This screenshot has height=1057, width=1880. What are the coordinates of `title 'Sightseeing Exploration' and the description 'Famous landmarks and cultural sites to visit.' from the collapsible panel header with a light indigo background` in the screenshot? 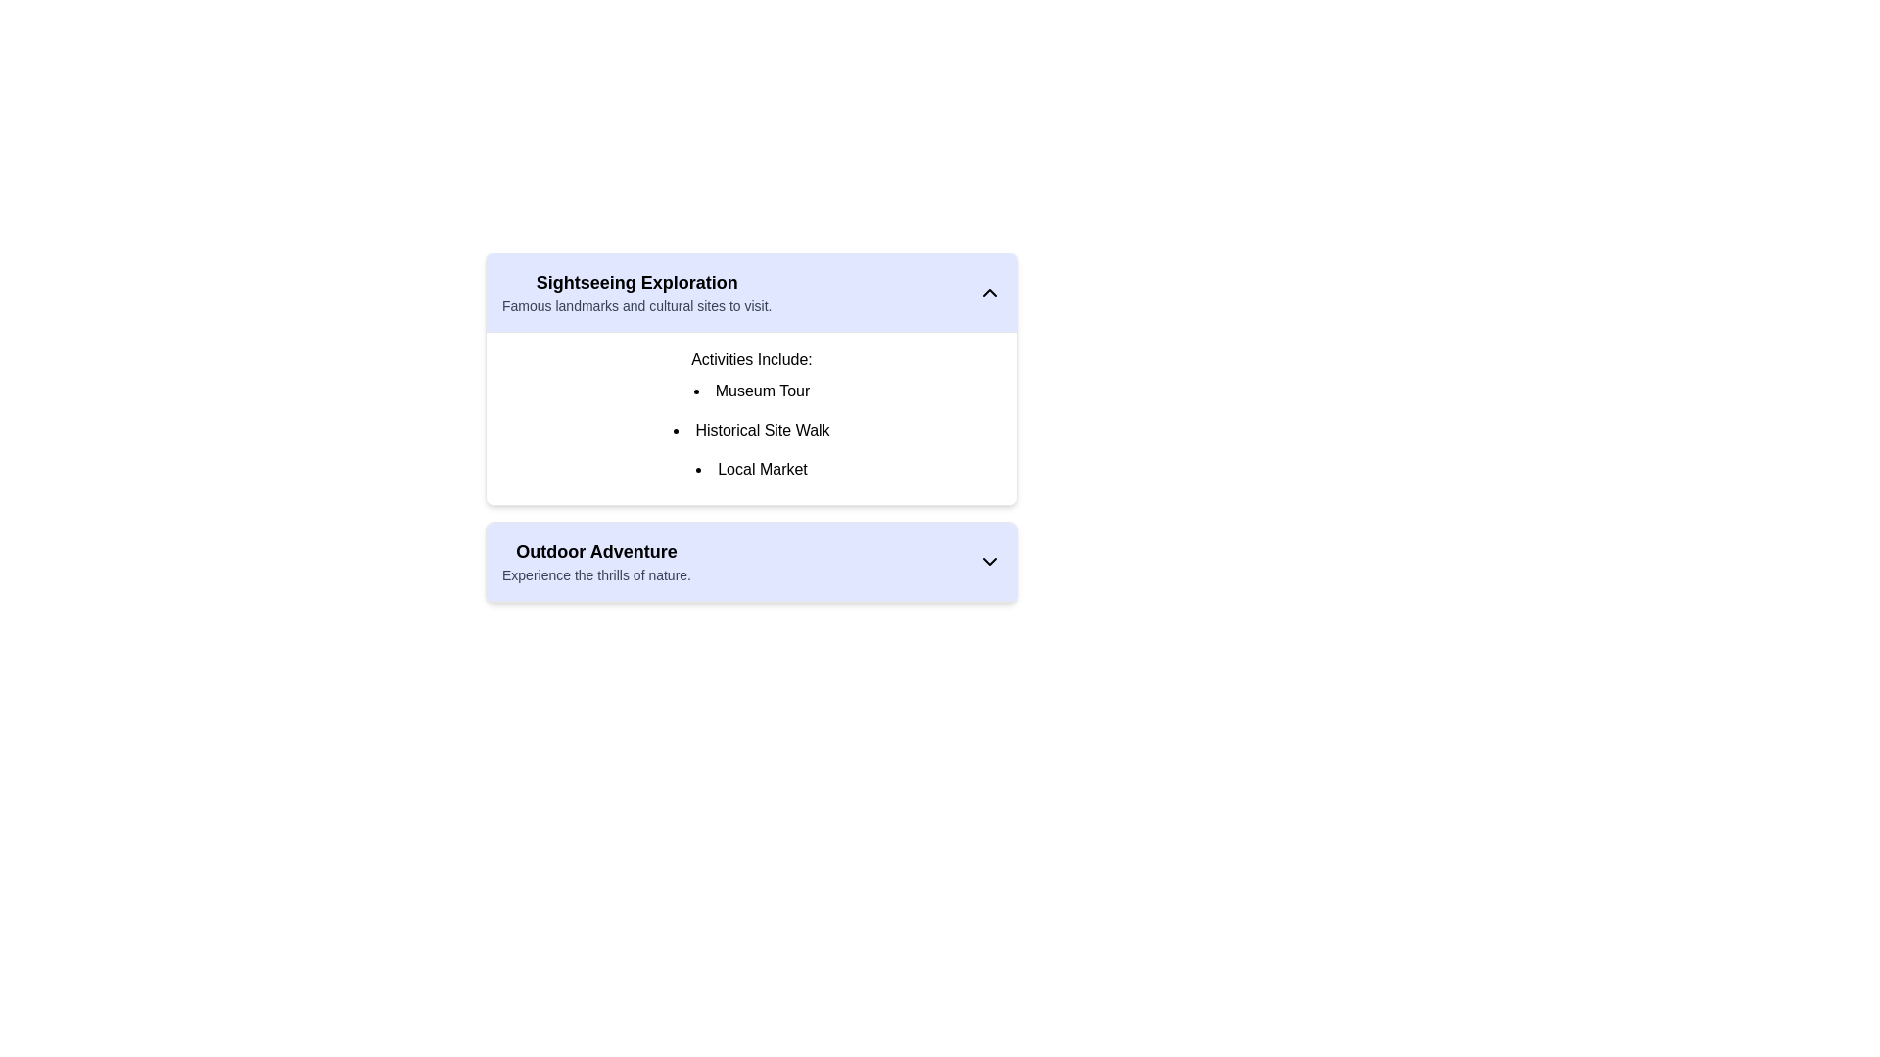 It's located at (751, 293).